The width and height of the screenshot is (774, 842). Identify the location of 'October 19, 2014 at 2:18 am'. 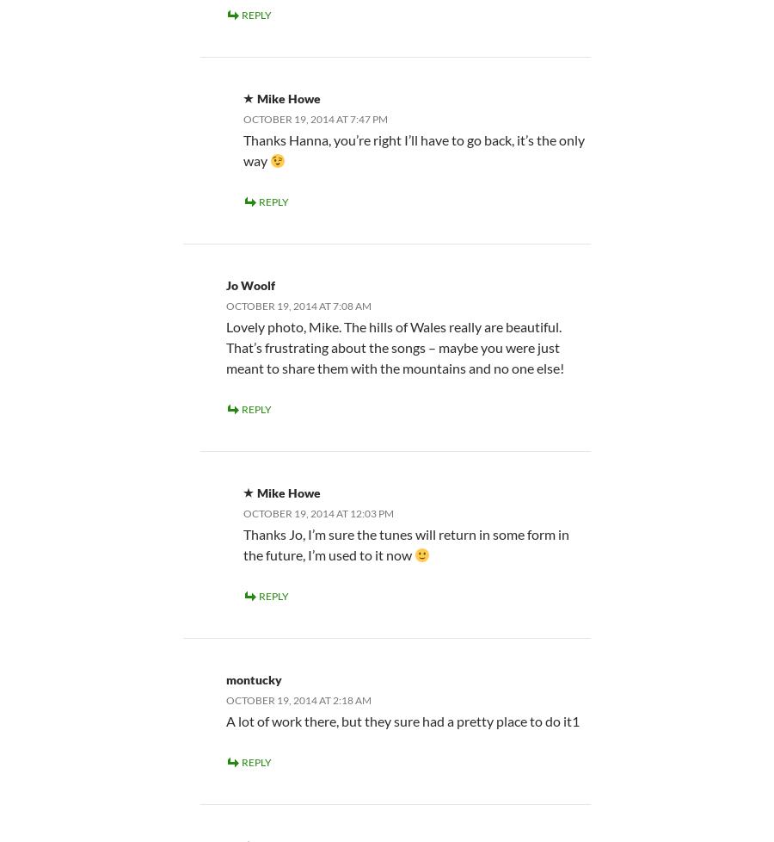
(298, 698).